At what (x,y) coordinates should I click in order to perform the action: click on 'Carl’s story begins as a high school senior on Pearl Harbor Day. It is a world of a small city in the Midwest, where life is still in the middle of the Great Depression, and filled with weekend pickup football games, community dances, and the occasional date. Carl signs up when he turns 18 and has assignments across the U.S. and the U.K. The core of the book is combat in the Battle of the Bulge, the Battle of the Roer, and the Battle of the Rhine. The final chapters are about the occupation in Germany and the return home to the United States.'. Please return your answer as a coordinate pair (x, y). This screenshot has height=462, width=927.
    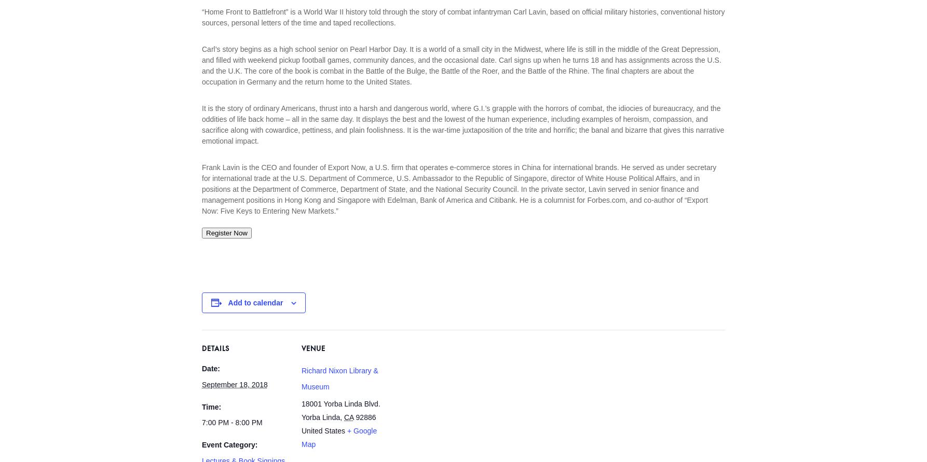
    Looking at the image, I should click on (201, 64).